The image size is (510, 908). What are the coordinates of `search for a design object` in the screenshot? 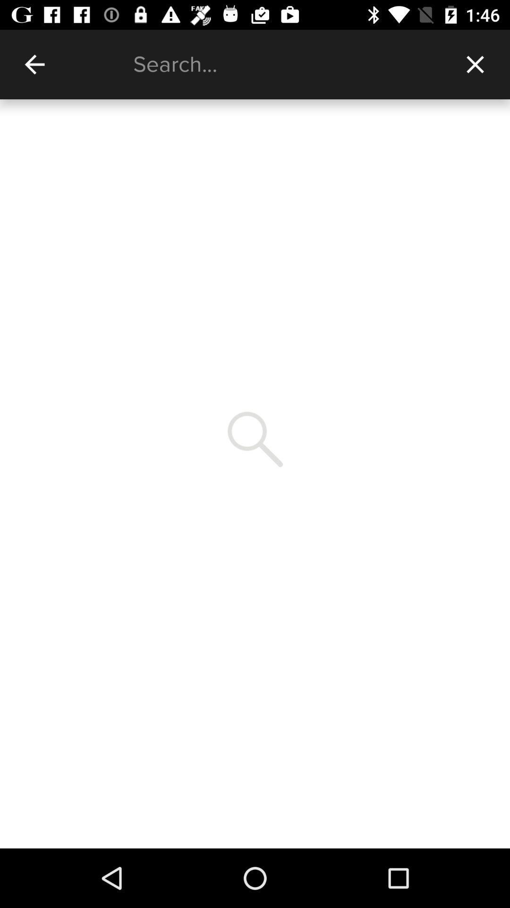 It's located at (286, 64).